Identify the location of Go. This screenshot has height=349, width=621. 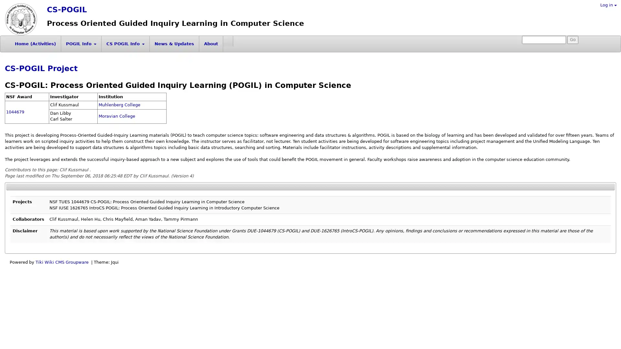
(573, 40).